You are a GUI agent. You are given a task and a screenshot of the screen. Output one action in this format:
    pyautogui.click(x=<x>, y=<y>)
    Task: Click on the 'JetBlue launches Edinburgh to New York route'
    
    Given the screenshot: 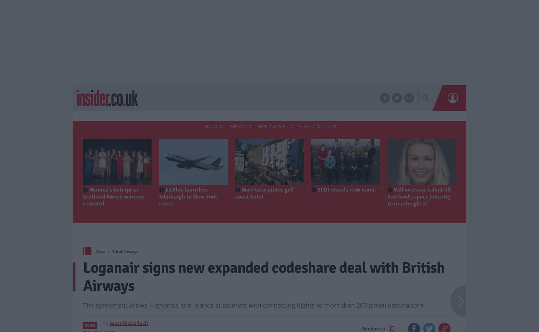 What is the action you would take?
    pyautogui.click(x=159, y=196)
    